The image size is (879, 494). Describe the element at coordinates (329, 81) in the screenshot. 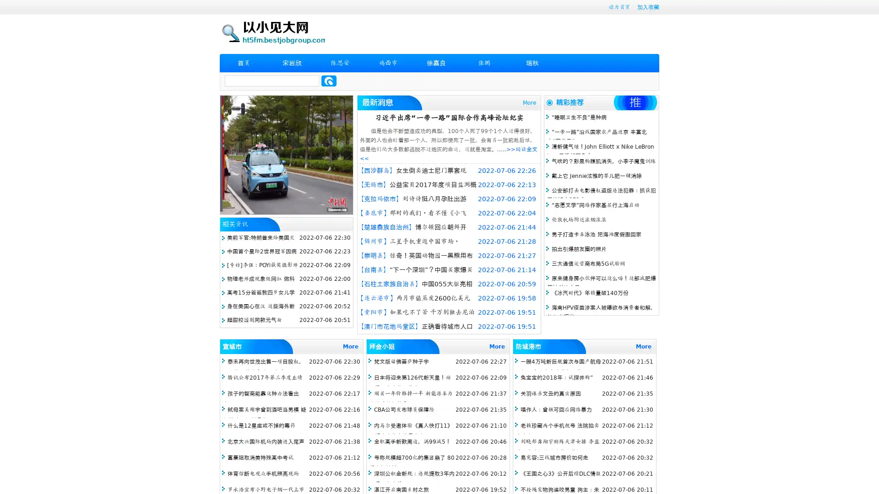

I see `Search` at that location.